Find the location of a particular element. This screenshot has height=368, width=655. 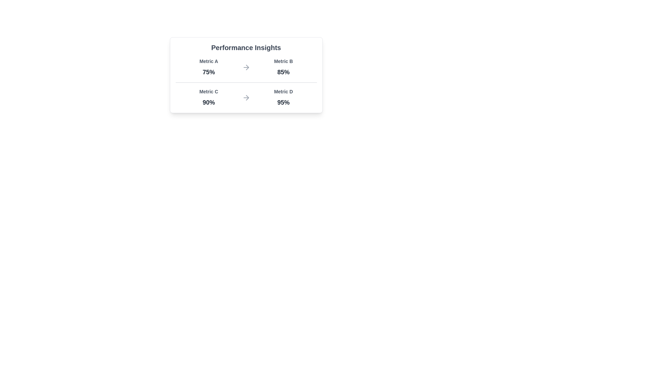

the Text label displaying '90%' in bold font, located in the 'Performance Insights' box under 'Metric C' is located at coordinates (208, 102).